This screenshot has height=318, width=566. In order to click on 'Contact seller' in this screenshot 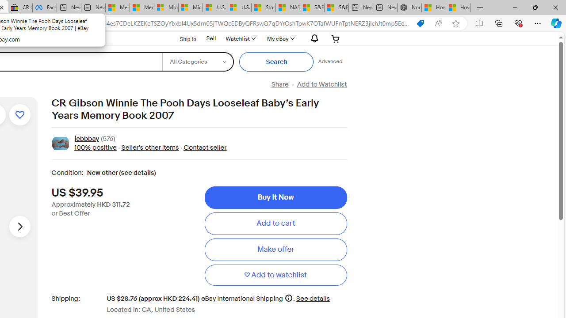, I will do `click(205, 147)`.